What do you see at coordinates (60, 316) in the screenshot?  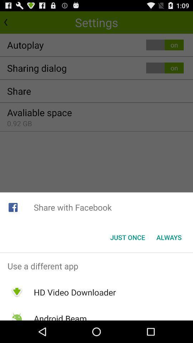 I see `the app below hd video downloader app` at bounding box center [60, 316].